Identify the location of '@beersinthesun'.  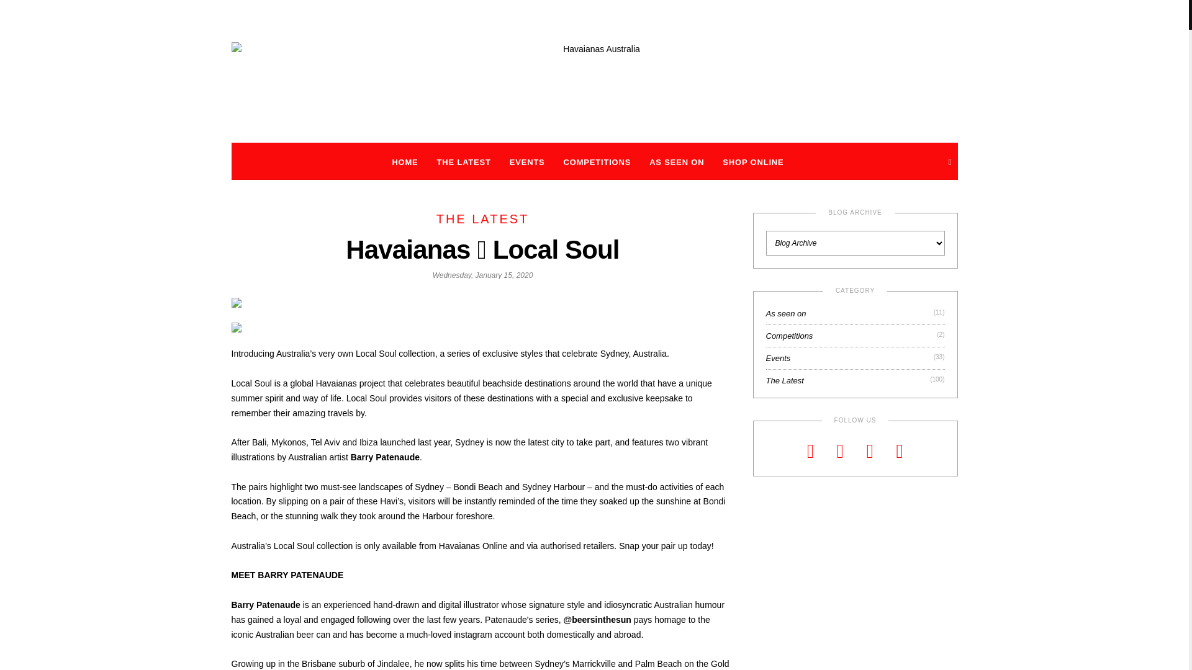
(562, 620).